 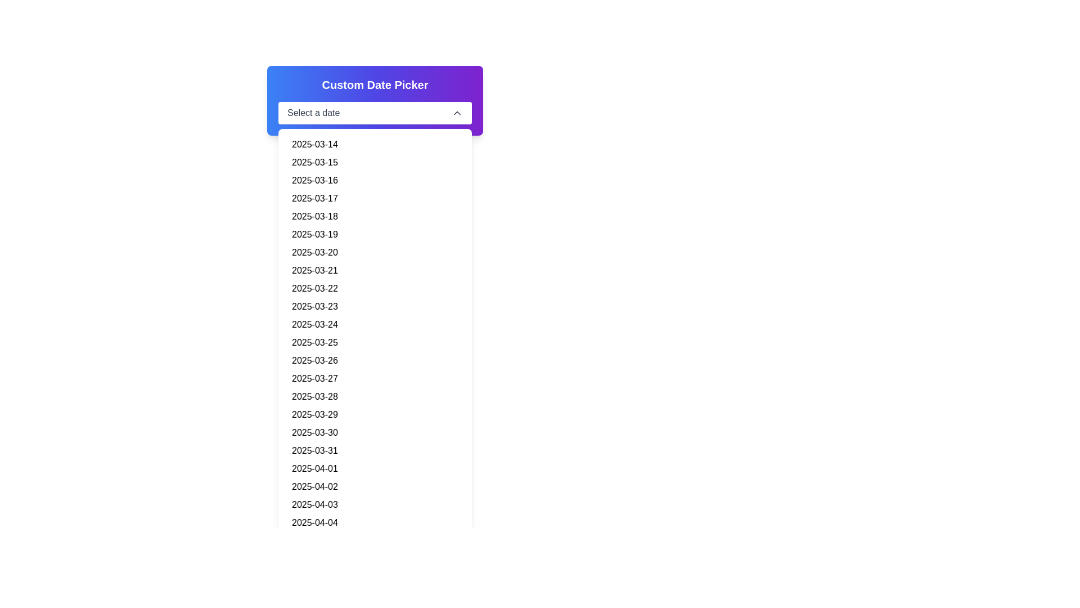 What do you see at coordinates (375, 396) in the screenshot?
I see `the selectable date '2025-03-28' in the dropdown list of the date picker widget` at bounding box center [375, 396].